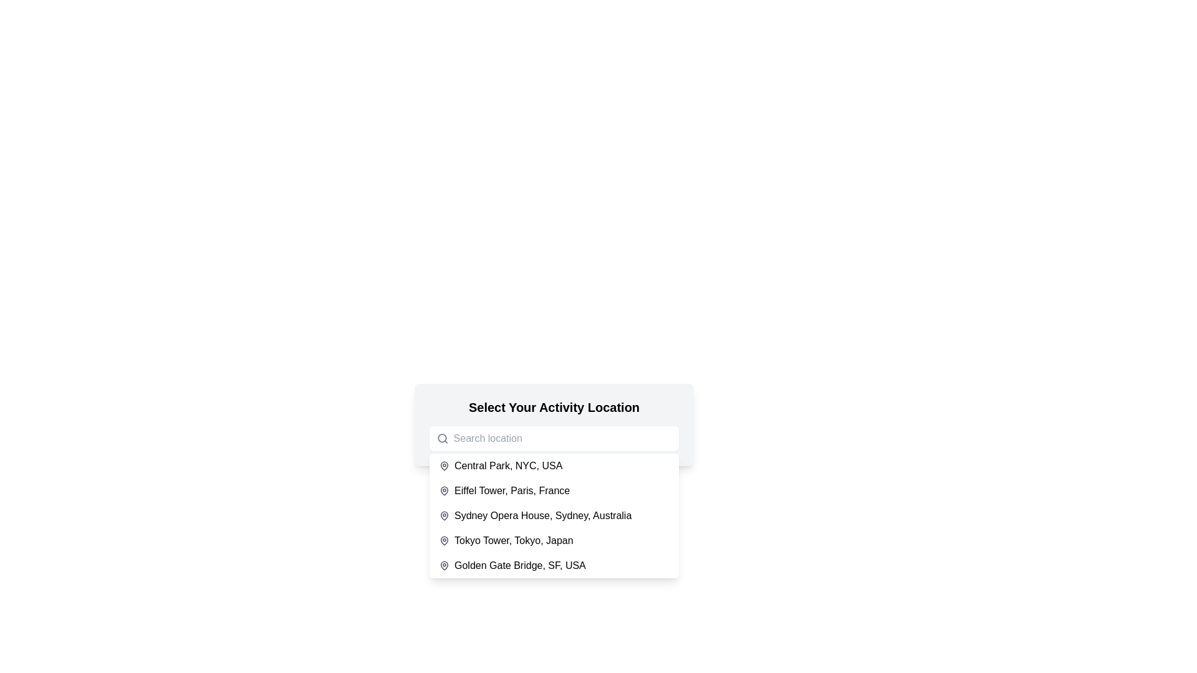  What do you see at coordinates (445, 540) in the screenshot?
I see `the map pin icon located next to the text 'Tokyo Tower, Tokyo, Japan' in the dropdown list of locations` at bounding box center [445, 540].